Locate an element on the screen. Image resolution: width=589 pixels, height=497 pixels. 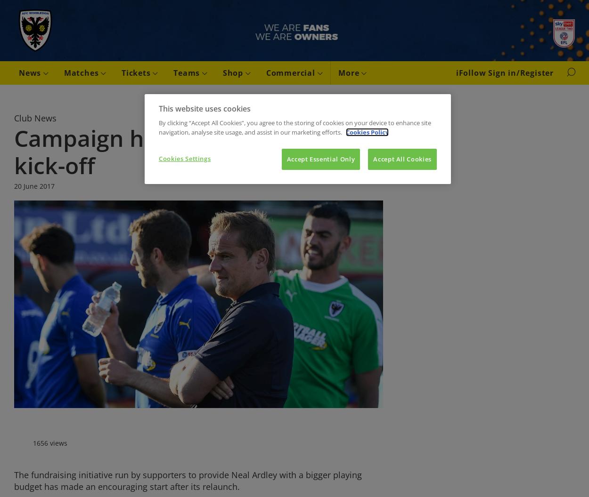
'iFollow Sign in/Register' is located at coordinates (504, 73).